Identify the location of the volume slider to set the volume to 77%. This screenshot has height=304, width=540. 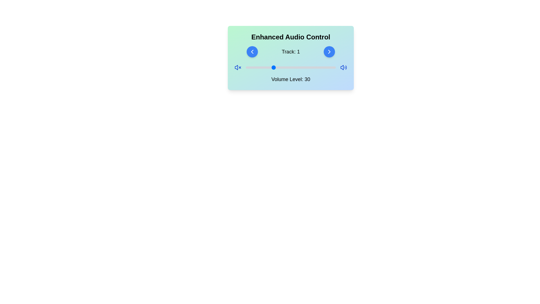
(315, 67).